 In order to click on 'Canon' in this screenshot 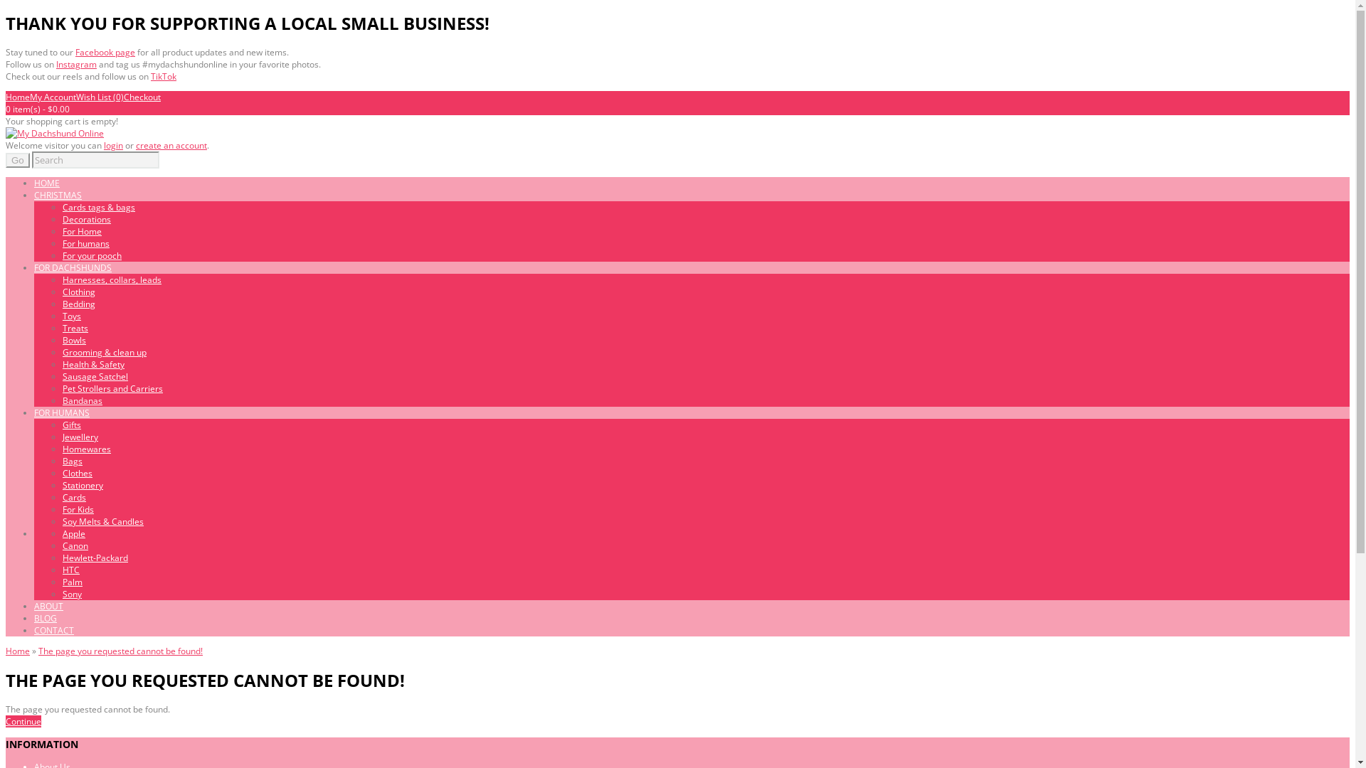, I will do `click(74, 545)`.